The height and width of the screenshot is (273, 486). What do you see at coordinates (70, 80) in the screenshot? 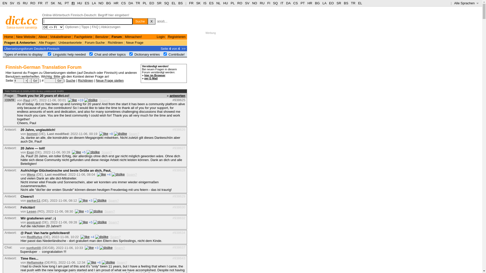
I see `'Suche'` at bounding box center [70, 80].